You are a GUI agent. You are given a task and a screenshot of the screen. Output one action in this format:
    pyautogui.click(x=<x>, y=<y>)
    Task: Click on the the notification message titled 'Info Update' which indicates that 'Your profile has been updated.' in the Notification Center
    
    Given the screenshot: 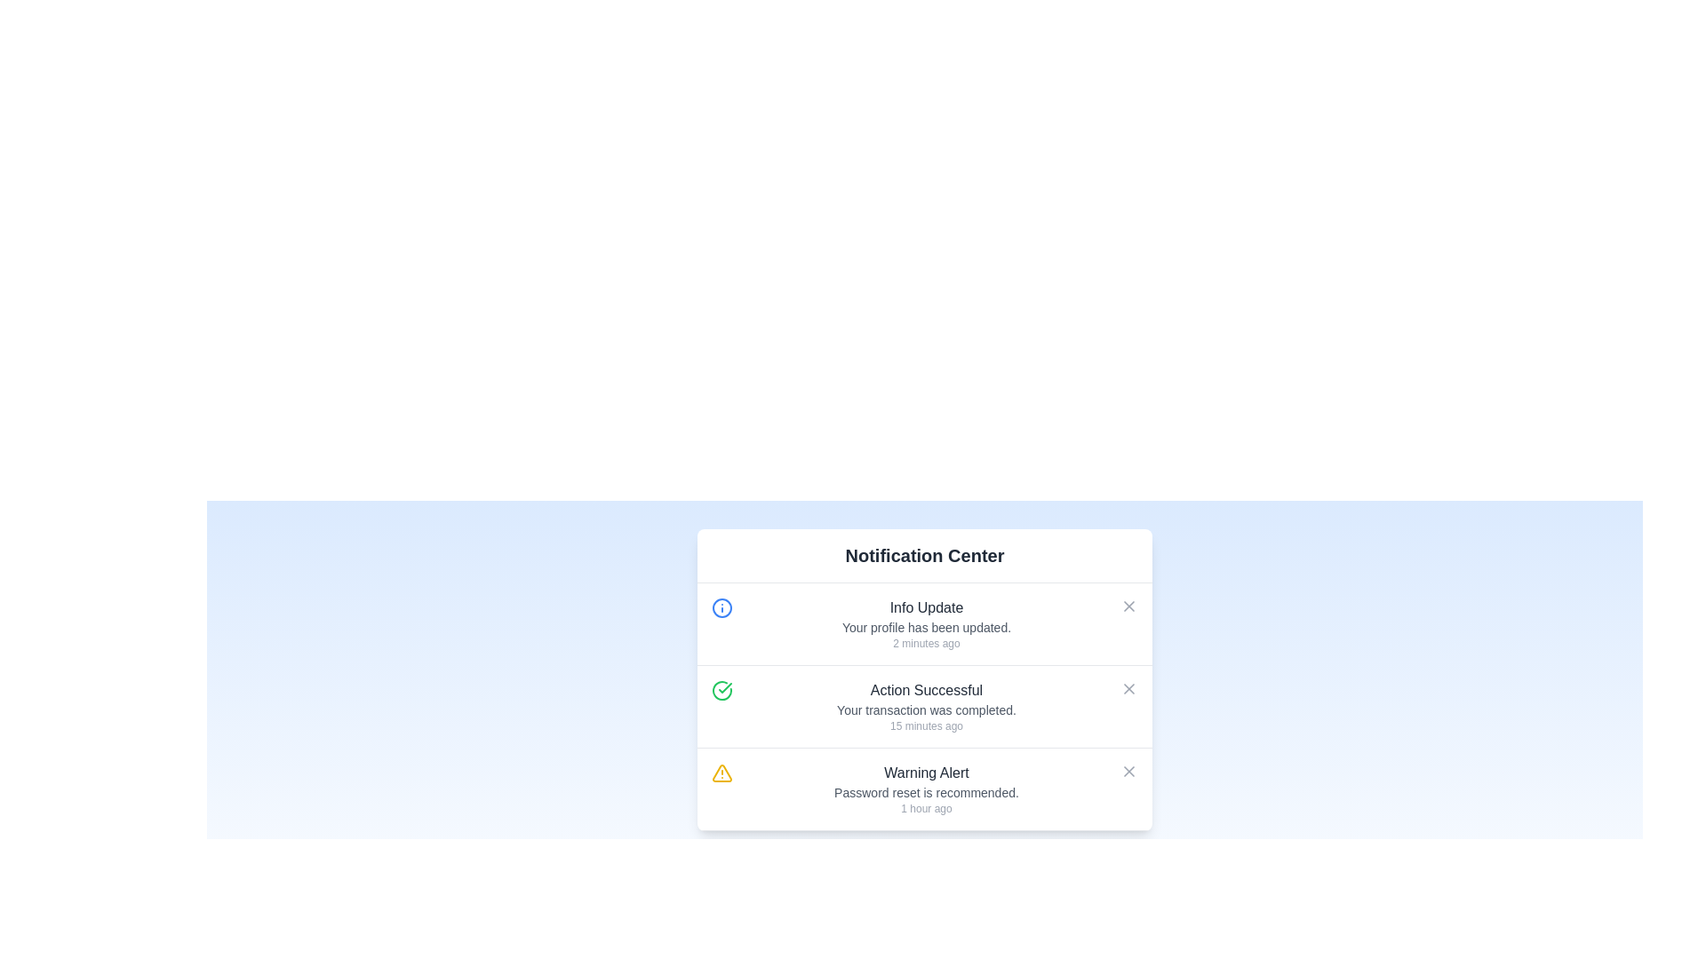 What is the action you would take?
    pyautogui.click(x=925, y=622)
    